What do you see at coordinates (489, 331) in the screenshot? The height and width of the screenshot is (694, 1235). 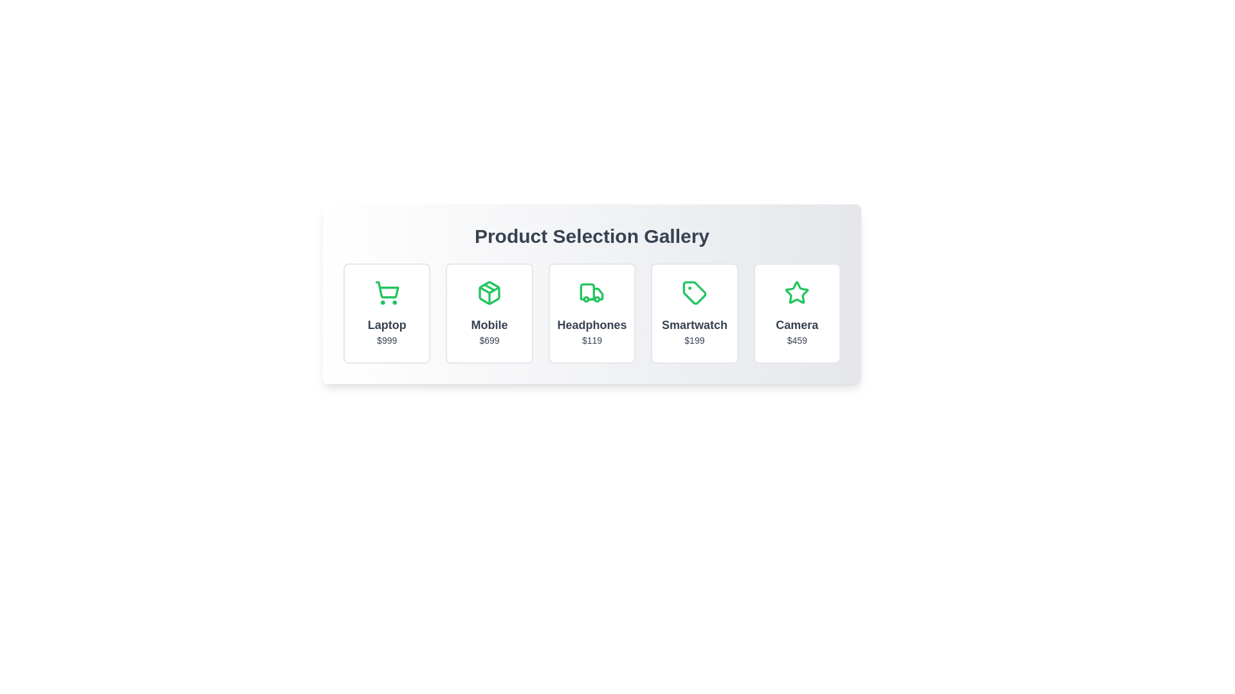 I see `the Text label displaying 'Mobile' with the price '$699', which is located in the second product card in the row of selectable products` at bounding box center [489, 331].